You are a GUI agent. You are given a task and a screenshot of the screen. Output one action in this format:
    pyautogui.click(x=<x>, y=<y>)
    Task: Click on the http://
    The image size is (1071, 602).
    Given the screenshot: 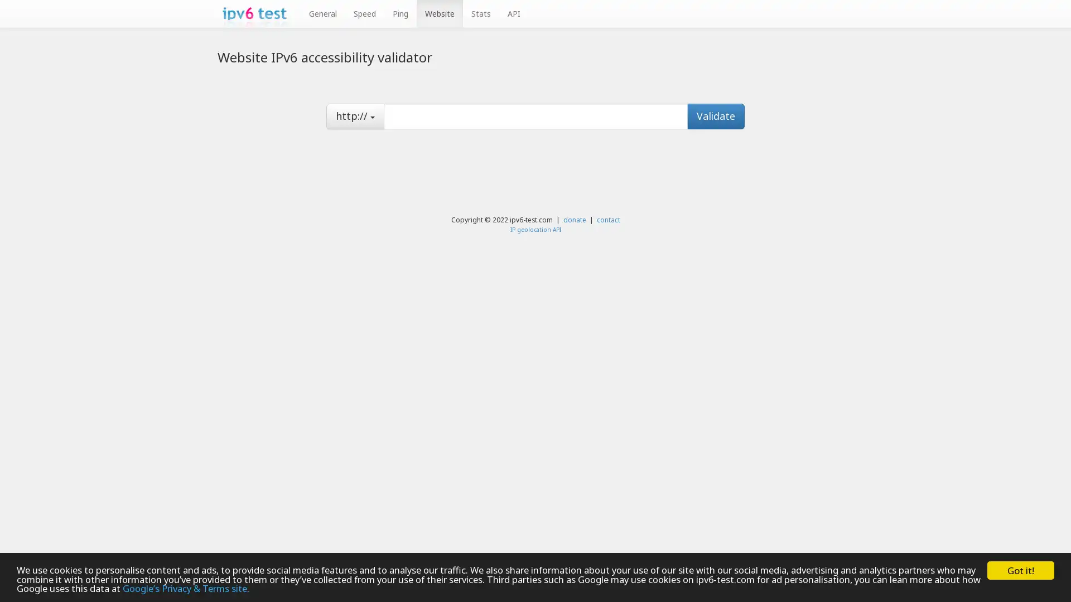 What is the action you would take?
    pyautogui.click(x=355, y=116)
    